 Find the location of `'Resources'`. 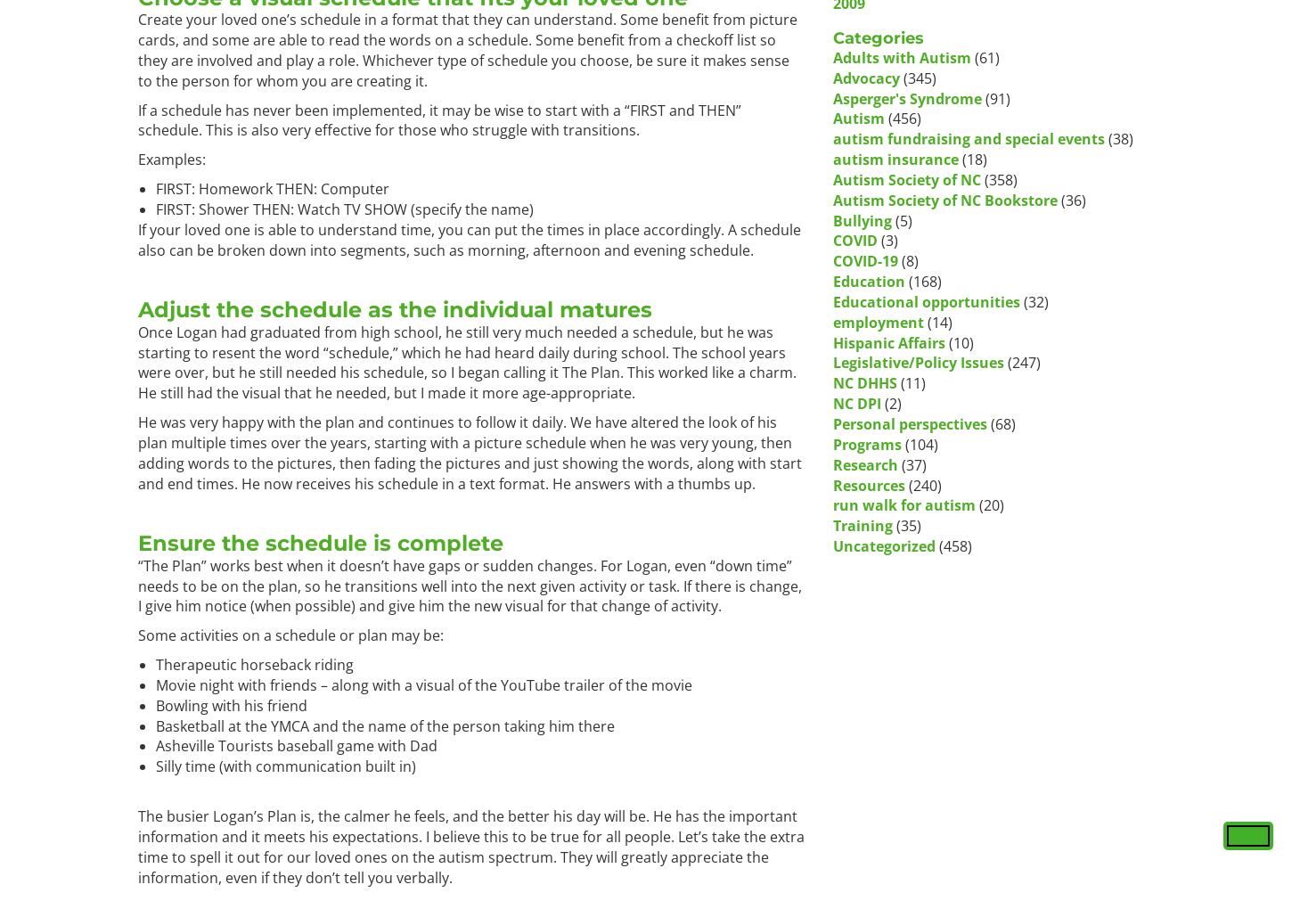

'Resources' is located at coordinates (831, 485).